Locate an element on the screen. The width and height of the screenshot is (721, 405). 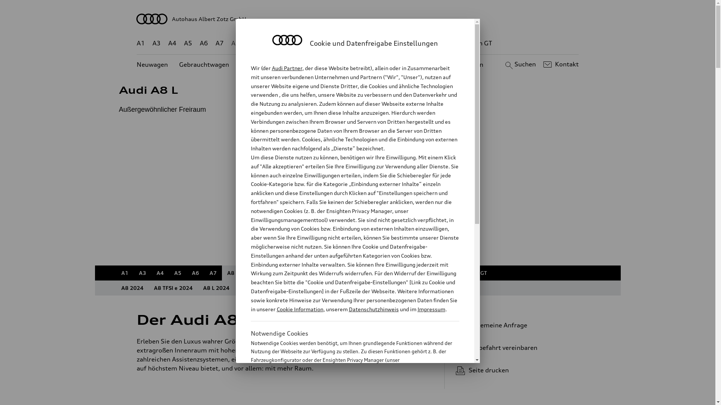
'A7' is located at coordinates (213, 273).